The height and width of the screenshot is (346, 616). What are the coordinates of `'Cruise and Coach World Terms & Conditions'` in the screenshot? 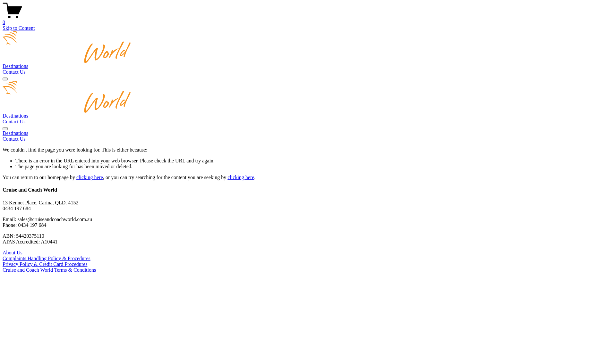 It's located at (49, 270).